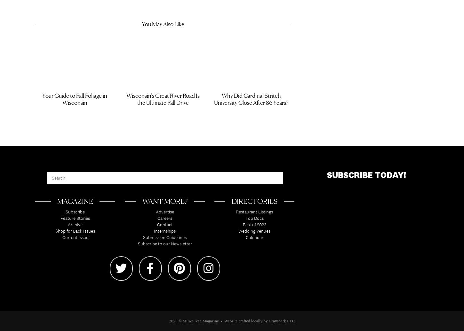 This screenshot has height=331, width=464. I want to click on '2023 © Milwaukee Magazine', so click(193, 323).